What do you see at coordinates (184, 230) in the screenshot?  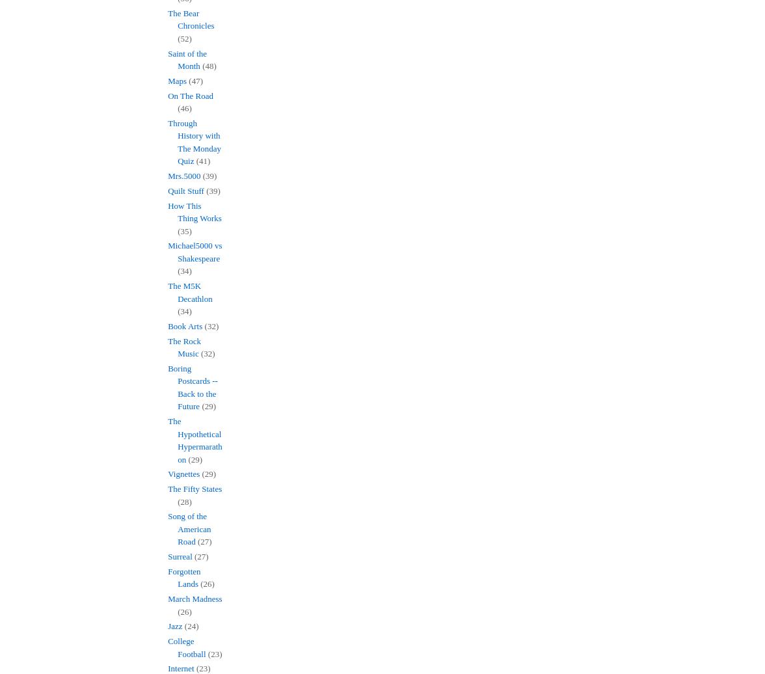 I see `'(35)'` at bounding box center [184, 230].